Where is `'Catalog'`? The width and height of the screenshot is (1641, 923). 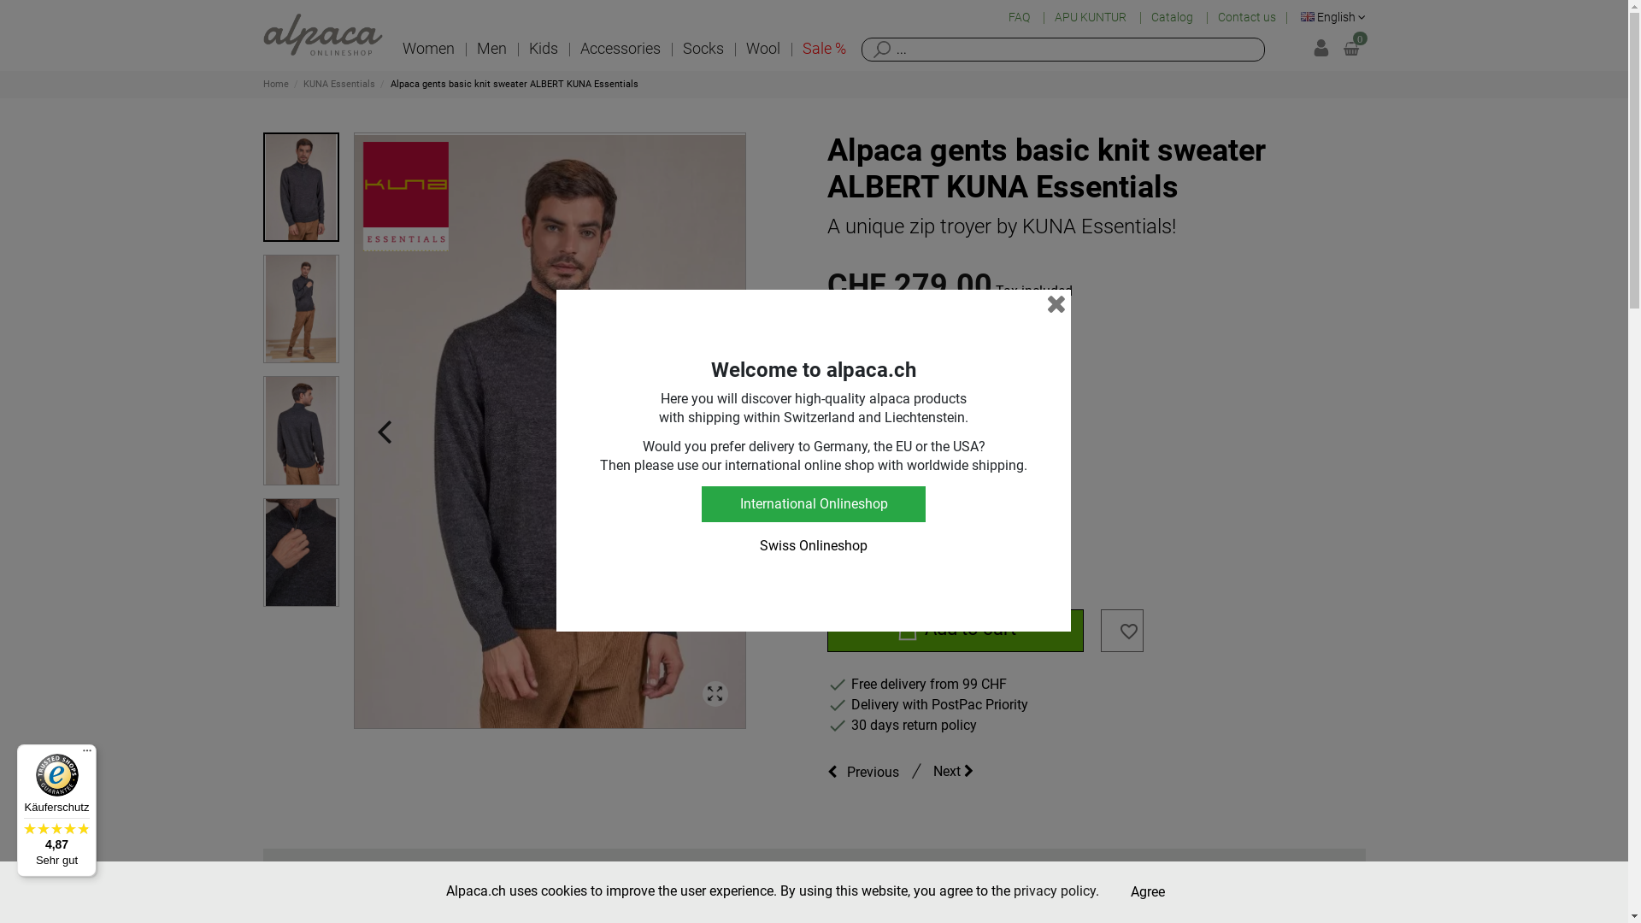
'Catalog' is located at coordinates (1172, 17).